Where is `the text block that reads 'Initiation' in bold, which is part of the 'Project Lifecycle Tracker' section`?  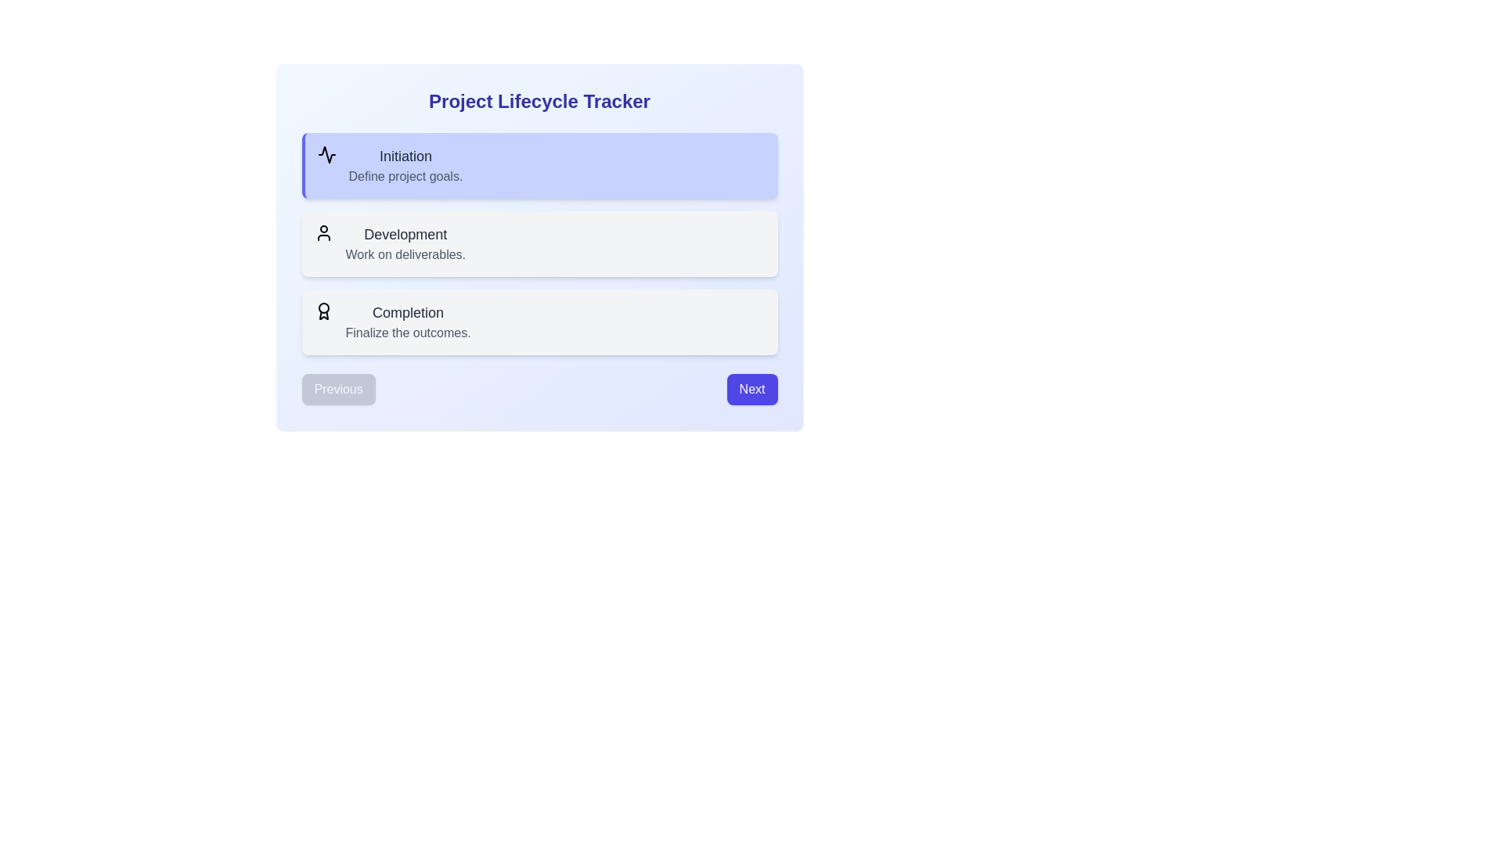
the text block that reads 'Initiation' in bold, which is part of the 'Project Lifecycle Tracker' section is located at coordinates (405, 166).